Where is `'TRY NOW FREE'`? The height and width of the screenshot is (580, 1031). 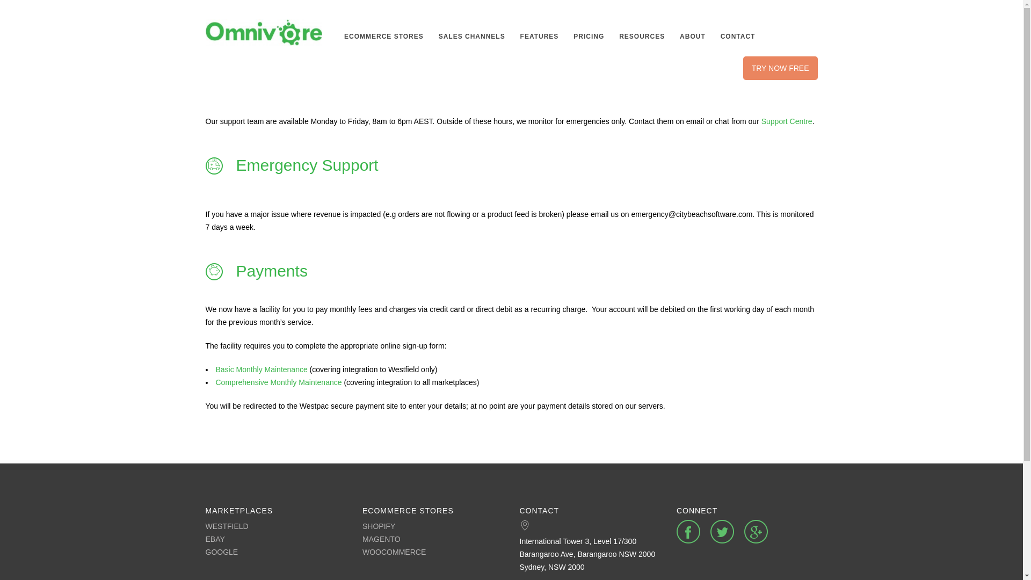
'TRY NOW FREE' is located at coordinates (780, 68).